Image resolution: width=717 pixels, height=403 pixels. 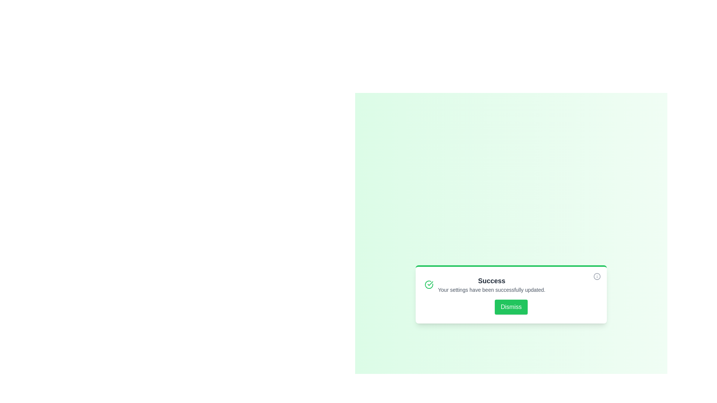 What do you see at coordinates (510, 307) in the screenshot?
I see `the 'Dismiss' button to dismiss the notification` at bounding box center [510, 307].